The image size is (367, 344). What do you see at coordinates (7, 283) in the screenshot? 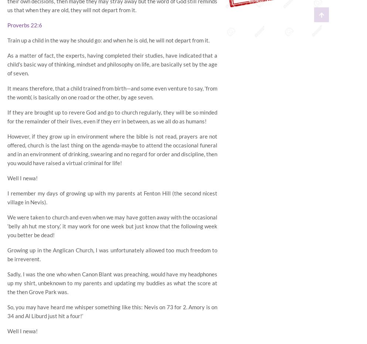
I see `'Sadly, I was the one who when Canon Blant was preaching, would have my headphones up my shirt, unbeknown to my parents and updating my buddies as what the score at the then Grove Park was.'` at bounding box center [7, 283].